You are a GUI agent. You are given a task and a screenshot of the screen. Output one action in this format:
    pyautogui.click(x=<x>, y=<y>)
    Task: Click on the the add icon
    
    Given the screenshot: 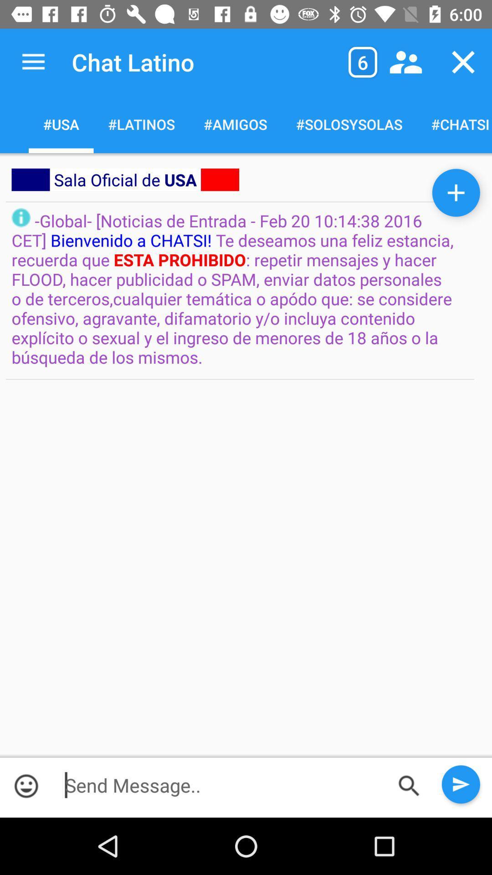 What is the action you would take?
    pyautogui.click(x=456, y=192)
    